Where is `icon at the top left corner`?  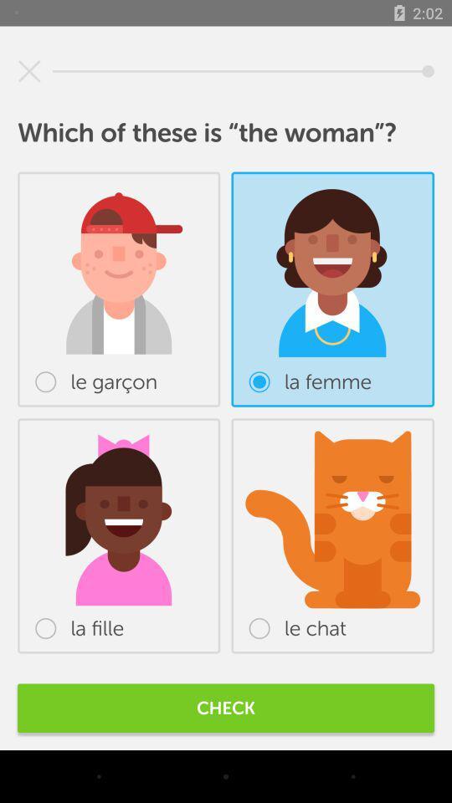 icon at the top left corner is located at coordinates (29, 71).